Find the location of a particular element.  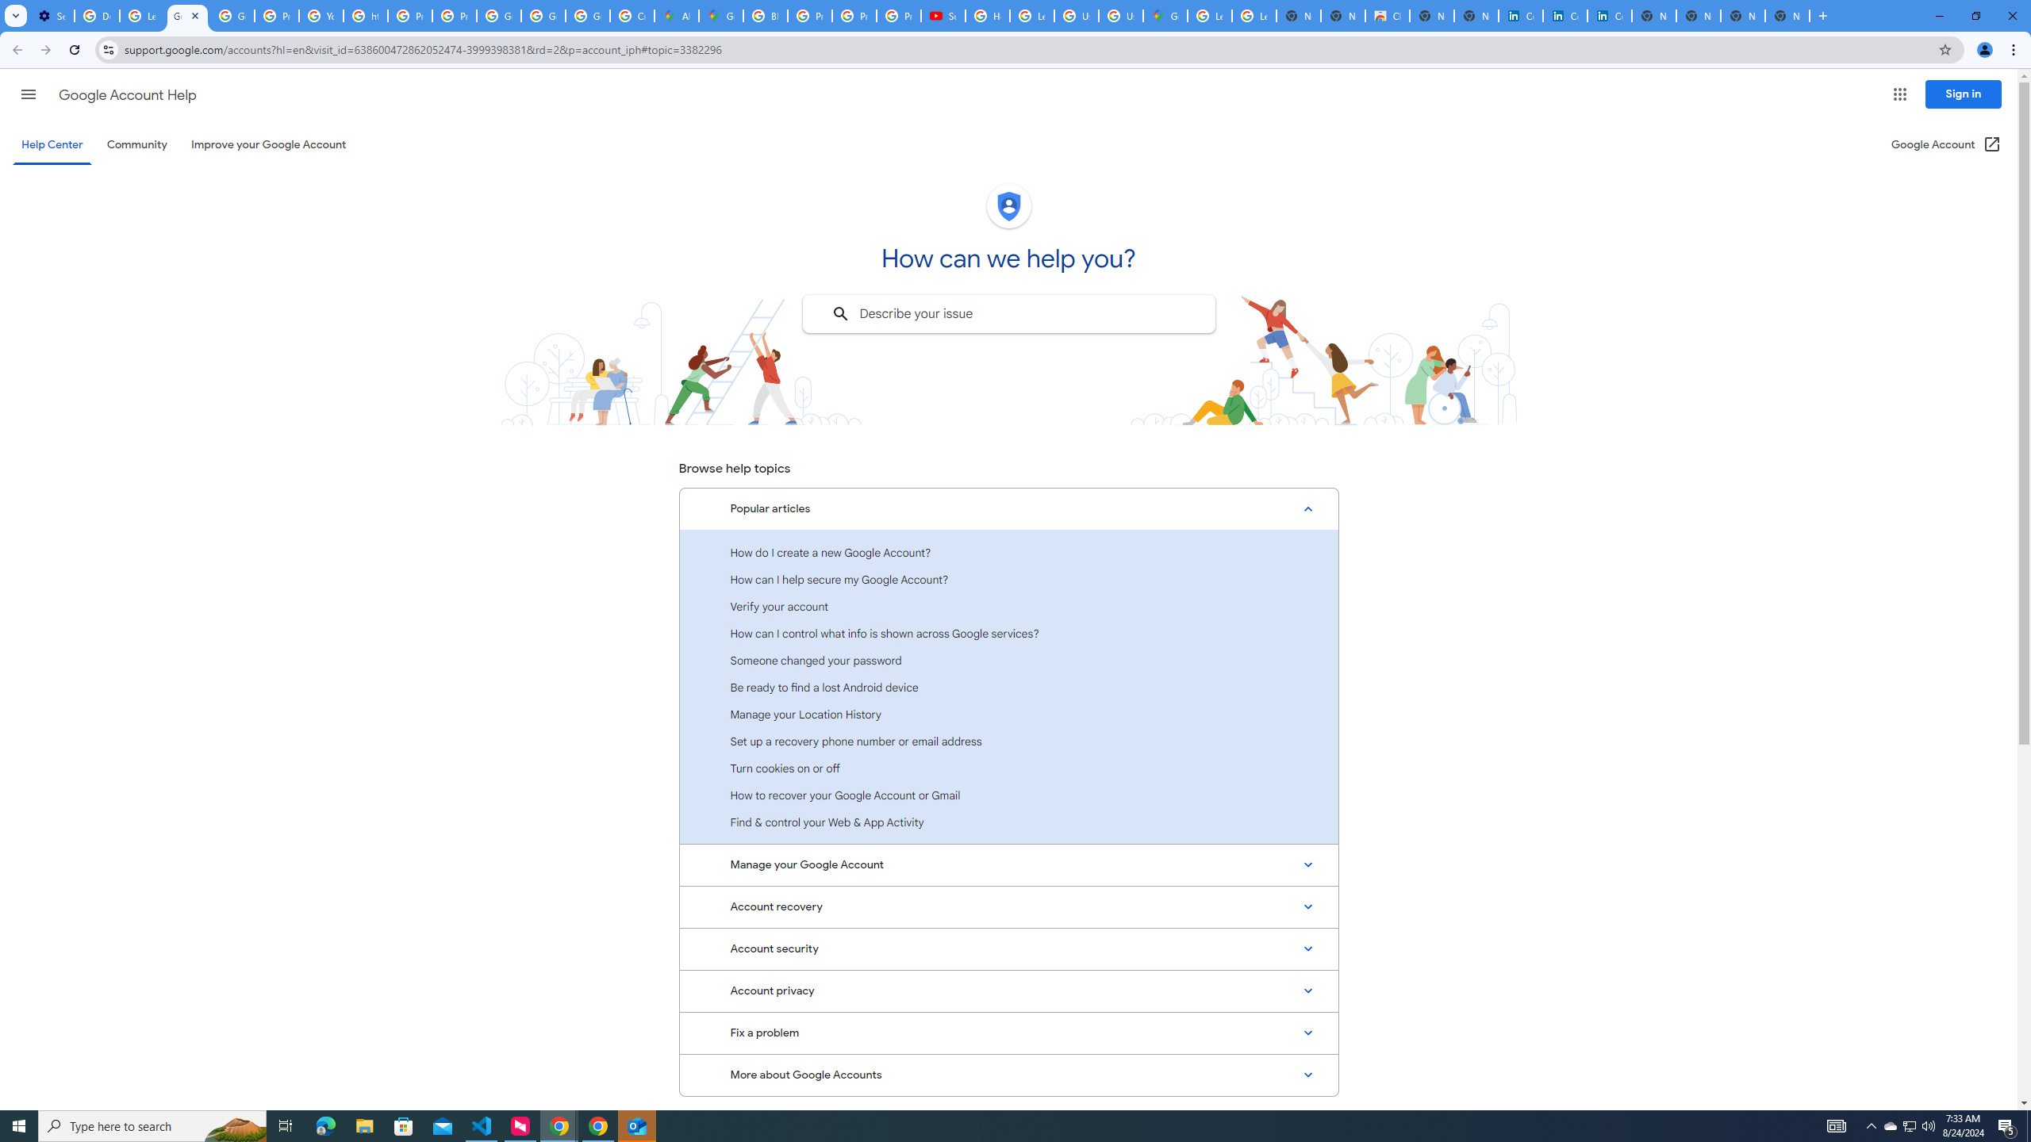

'New Tab' is located at coordinates (1788, 15).